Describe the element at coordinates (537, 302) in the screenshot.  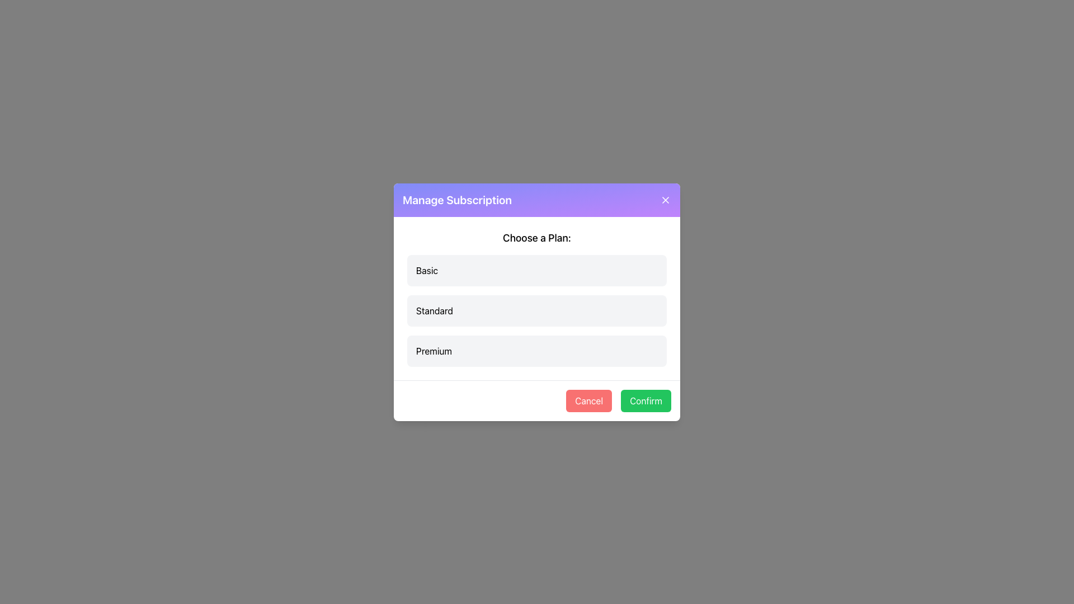
I see `the subscription options in the centrally located modal dialog for subscription management` at that location.